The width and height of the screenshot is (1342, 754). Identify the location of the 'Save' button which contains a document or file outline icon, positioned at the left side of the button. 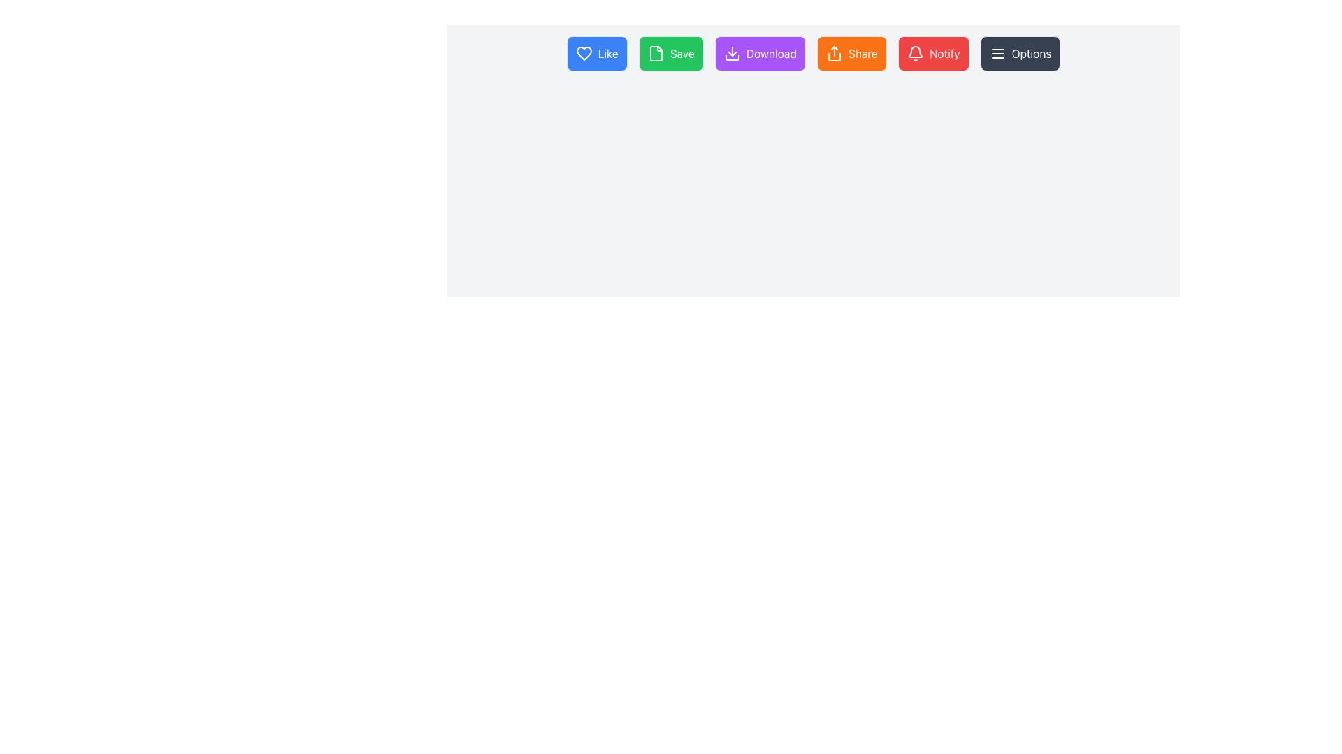
(655, 53).